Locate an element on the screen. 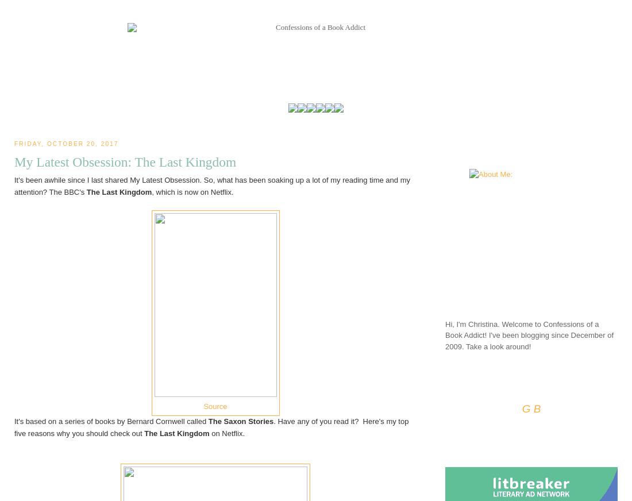 The height and width of the screenshot is (501, 632). 'Friday, October 20, 2017' is located at coordinates (66, 143).